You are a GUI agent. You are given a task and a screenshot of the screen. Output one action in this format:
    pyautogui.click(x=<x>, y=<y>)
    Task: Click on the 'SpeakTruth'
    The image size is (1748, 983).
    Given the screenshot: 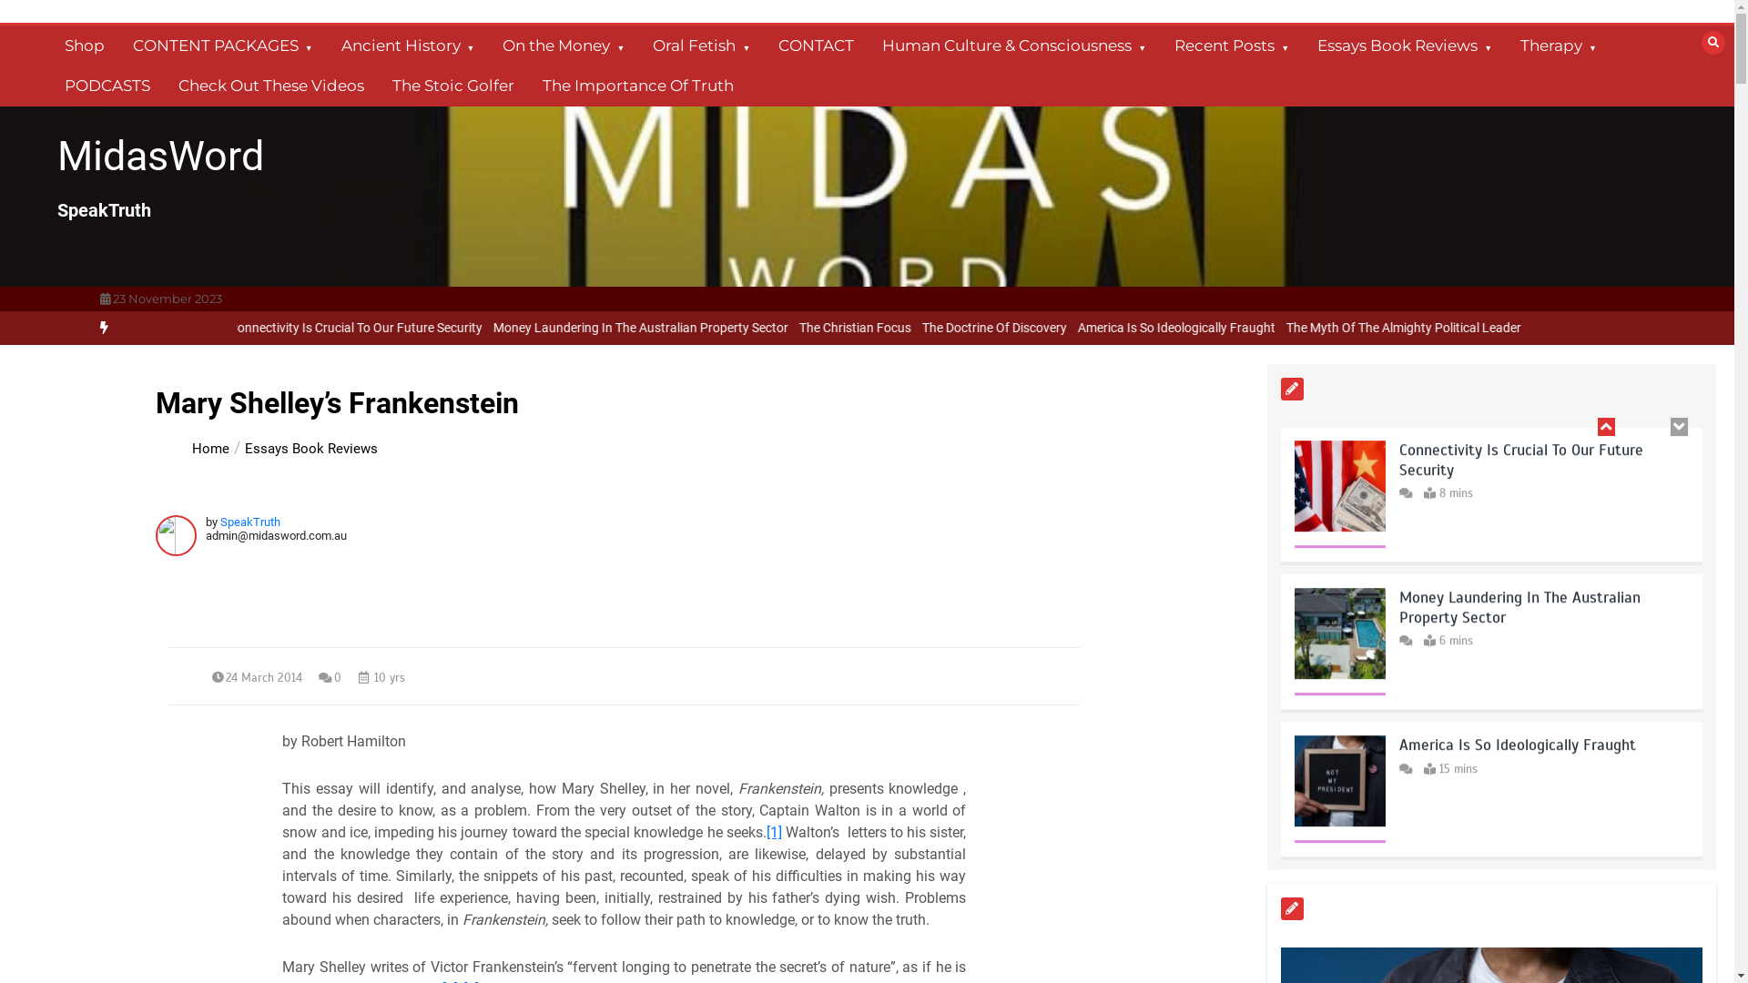 What is the action you would take?
    pyautogui.click(x=249, y=522)
    